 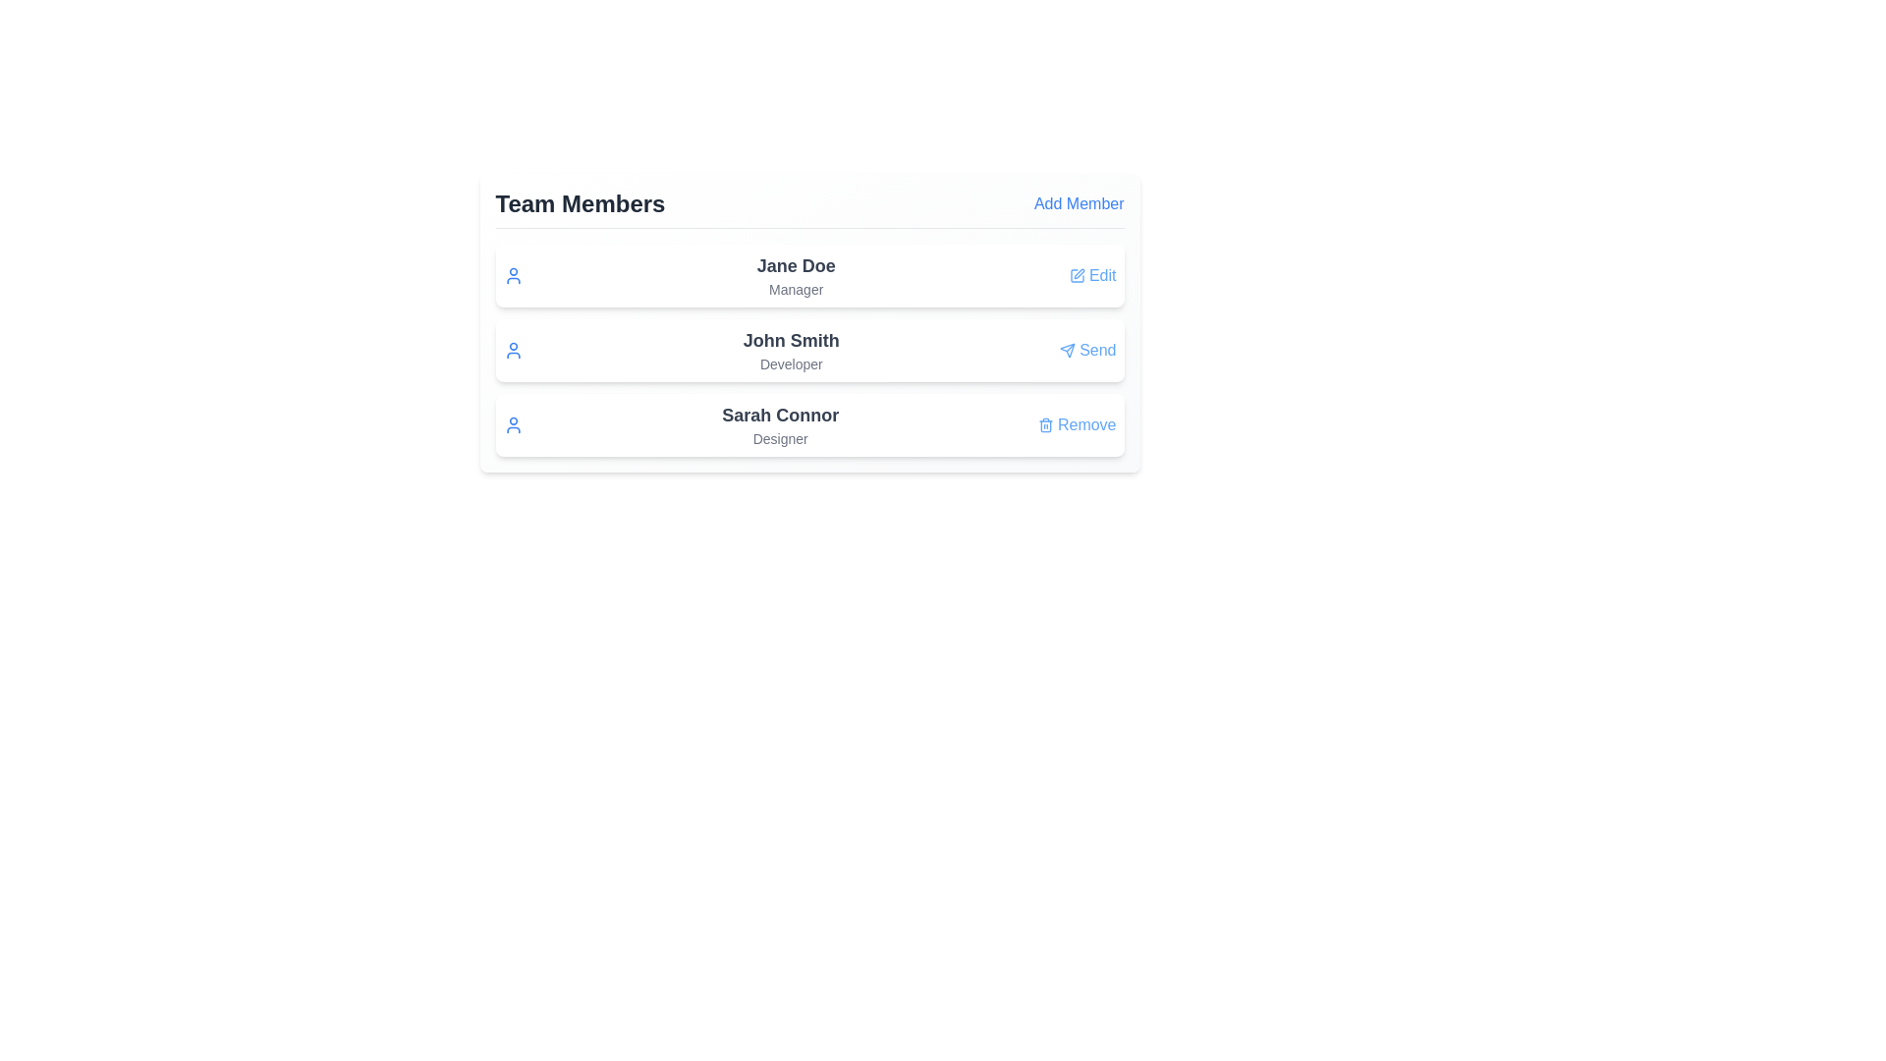 What do you see at coordinates (1086, 350) in the screenshot?
I see `the 'Send' button next to 'John Smith'` at bounding box center [1086, 350].